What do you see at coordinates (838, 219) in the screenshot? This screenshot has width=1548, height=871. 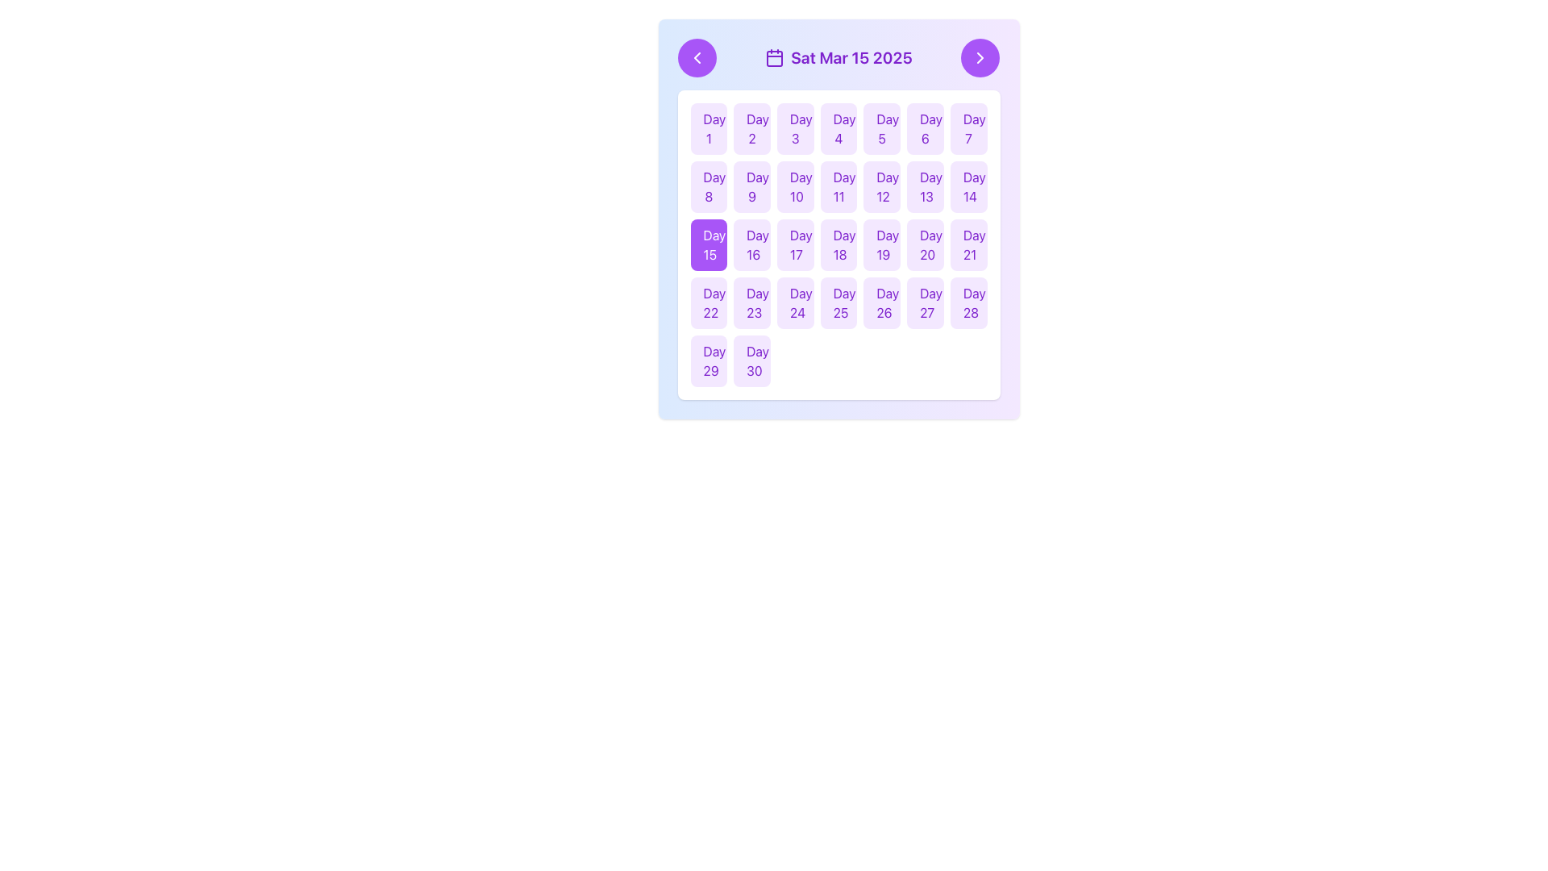 I see `the 'Day 18' button, which is a rectangular button with rounded corners in the calendar grid` at bounding box center [838, 219].